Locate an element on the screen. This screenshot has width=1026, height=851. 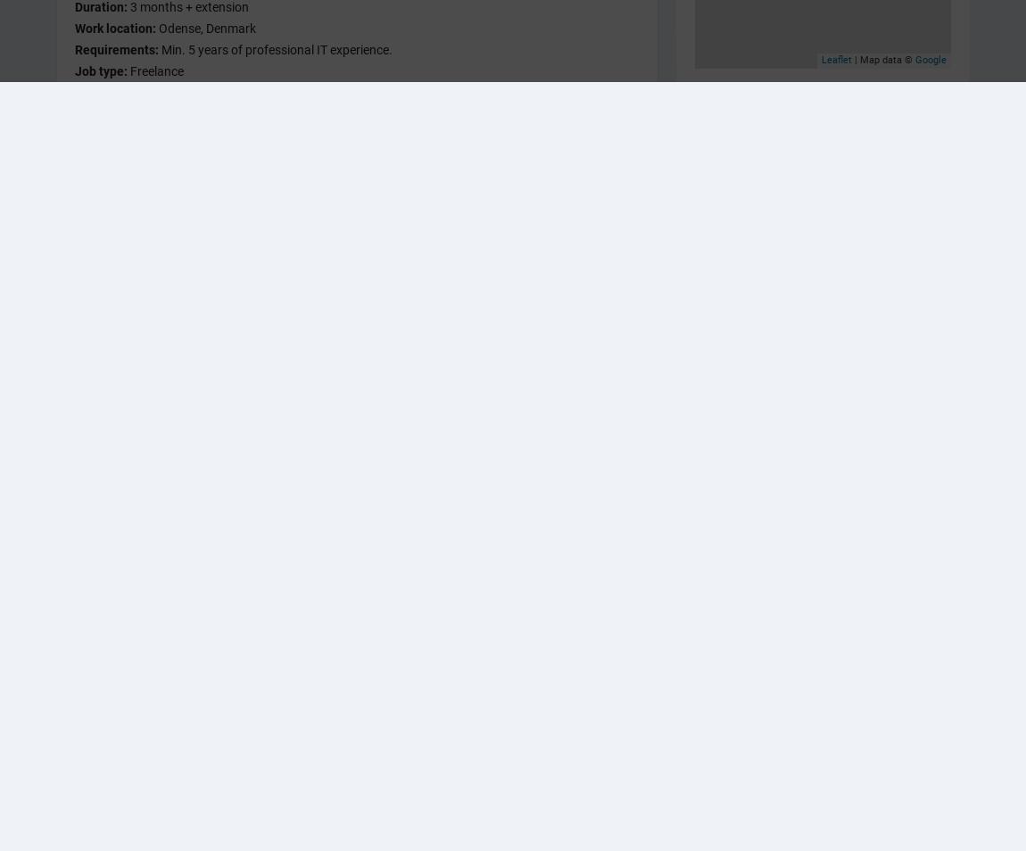
'Min. 5 years of professional IT experience.' is located at coordinates (276, 48).